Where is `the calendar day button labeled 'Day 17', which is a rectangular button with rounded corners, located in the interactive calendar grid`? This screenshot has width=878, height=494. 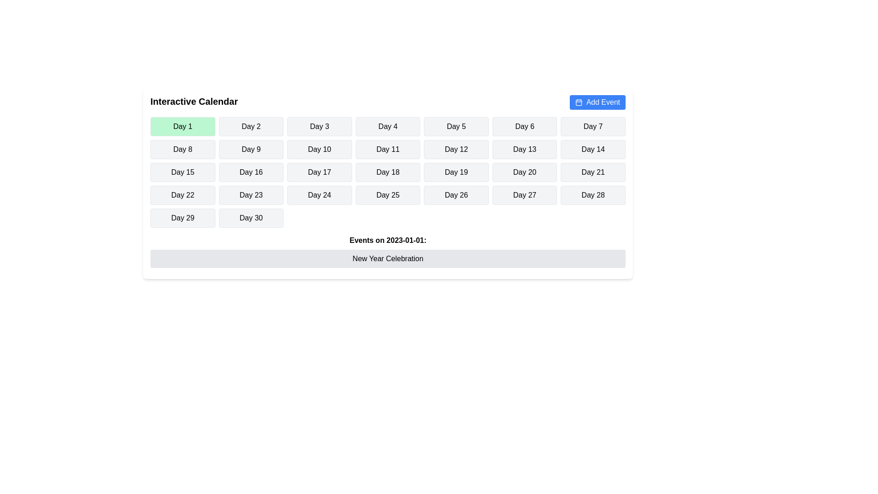 the calendar day button labeled 'Day 17', which is a rectangular button with rounded corners, located in the interactive calendar grid is located at coordinates (319, 172).